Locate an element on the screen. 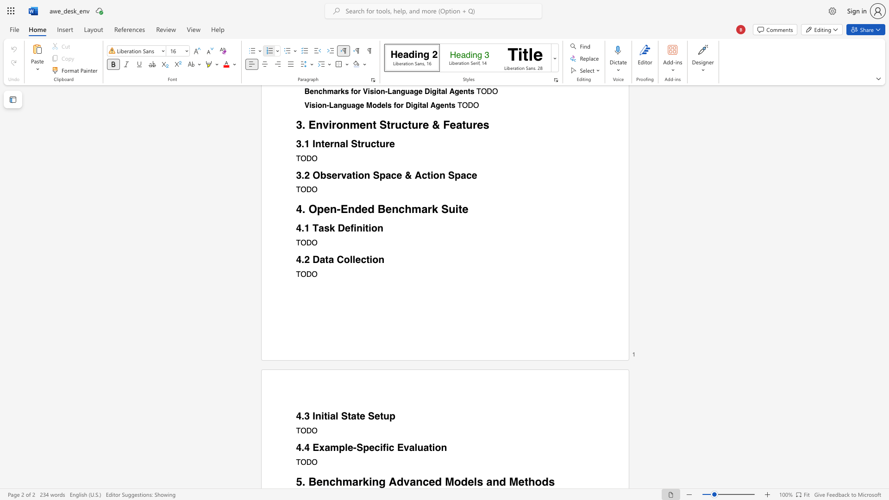  the 1th character "e" in the text is located at coordinates (319, 481).